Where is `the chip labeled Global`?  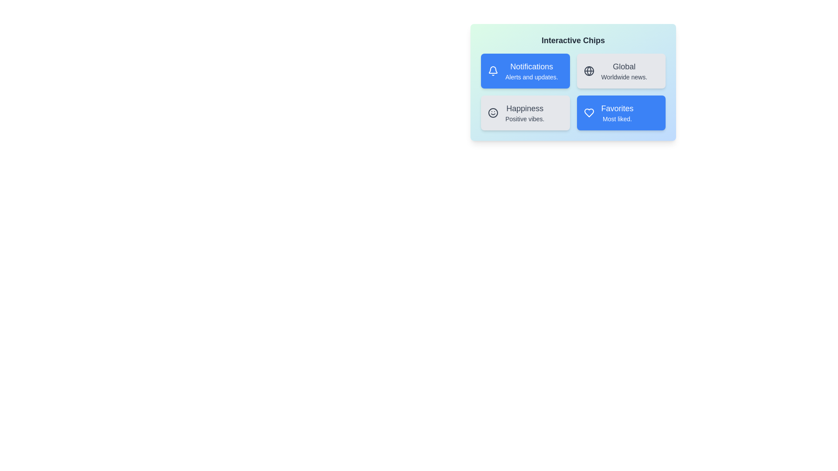
the chip labeled Global is located at coordinates (621, 70).